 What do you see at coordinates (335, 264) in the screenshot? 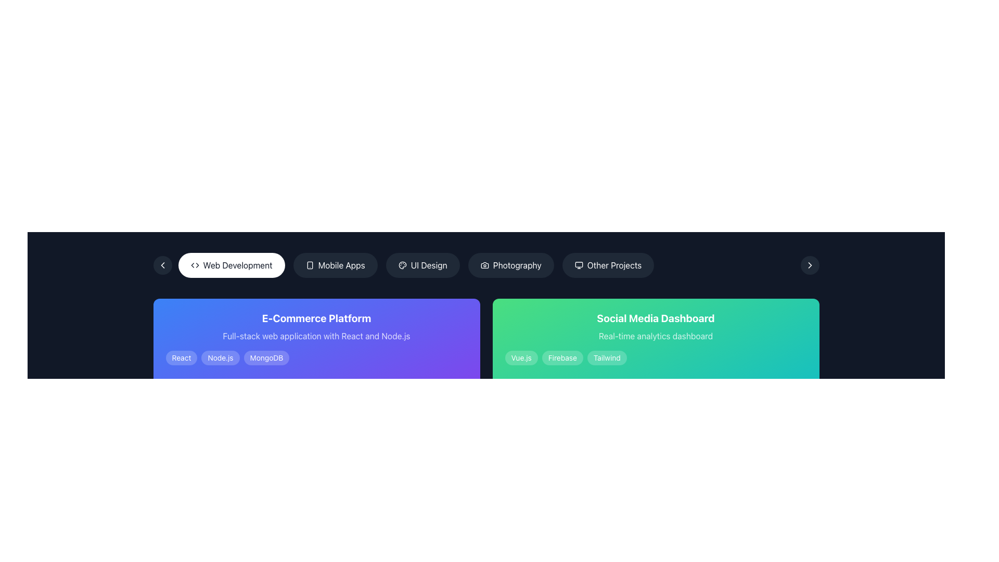
I see `the second button in the horizontal menu, which is located between 'Web Development' and 'UI Design', to trigger the hover effect` at bounding box center [335, 264].